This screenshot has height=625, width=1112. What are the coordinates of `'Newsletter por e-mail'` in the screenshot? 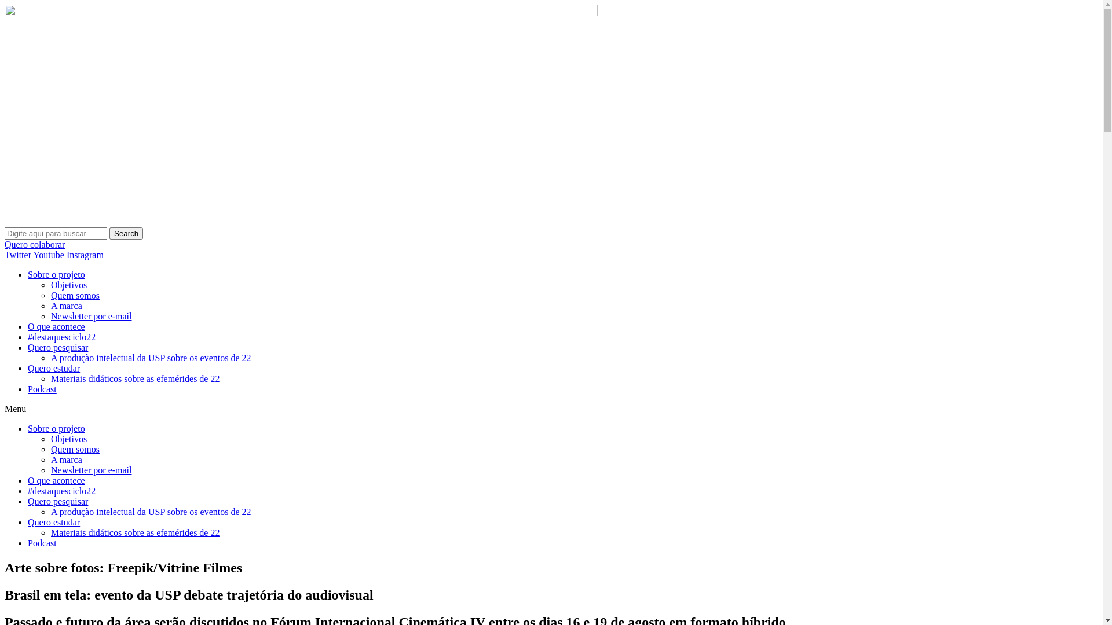 It's located at (50, 316).